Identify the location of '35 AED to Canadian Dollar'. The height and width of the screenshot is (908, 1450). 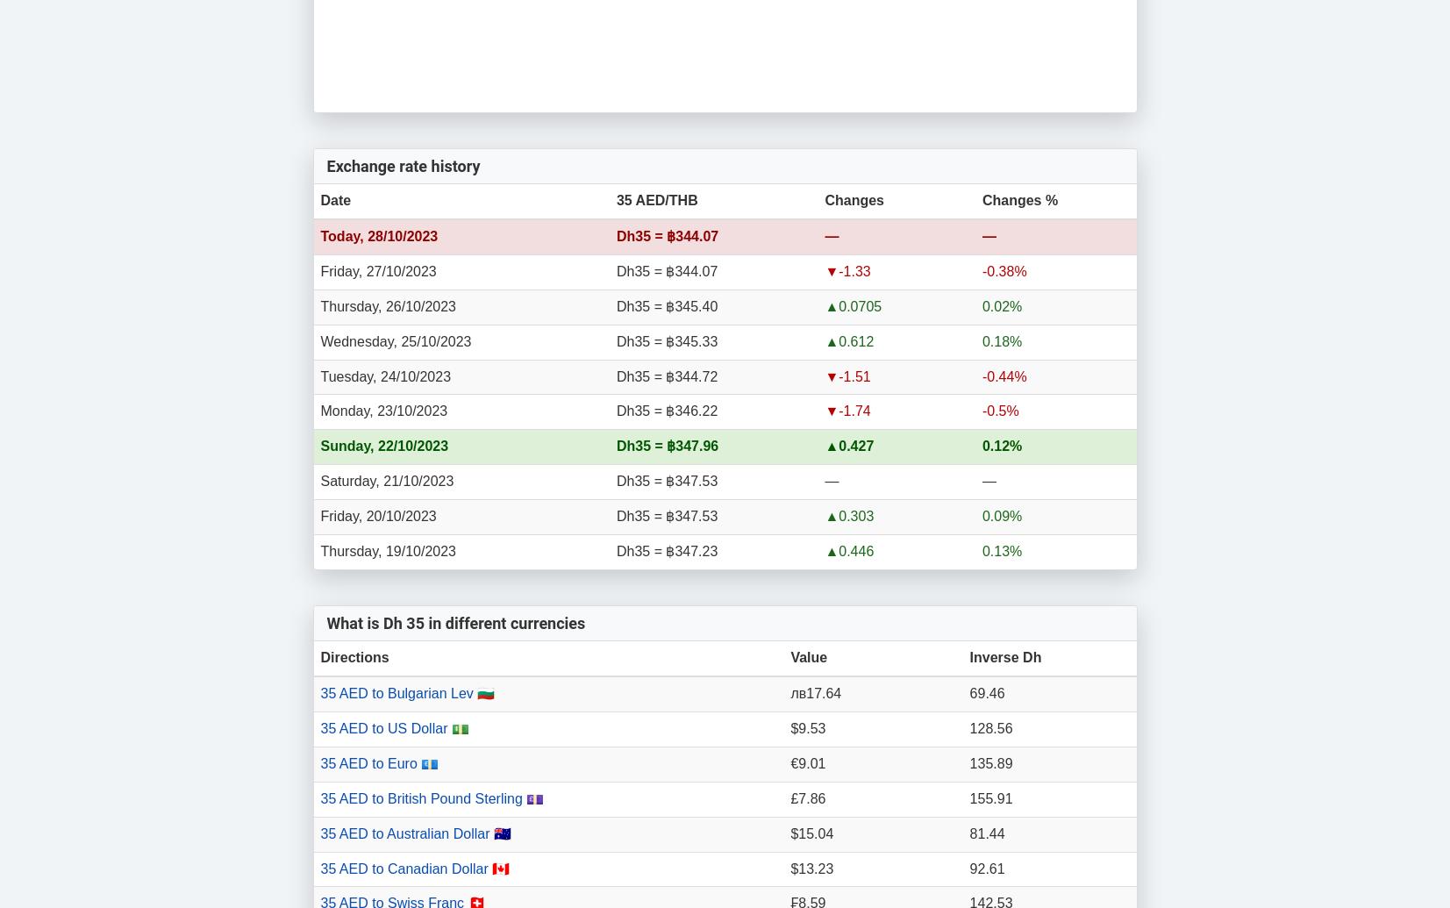
(405, 867).